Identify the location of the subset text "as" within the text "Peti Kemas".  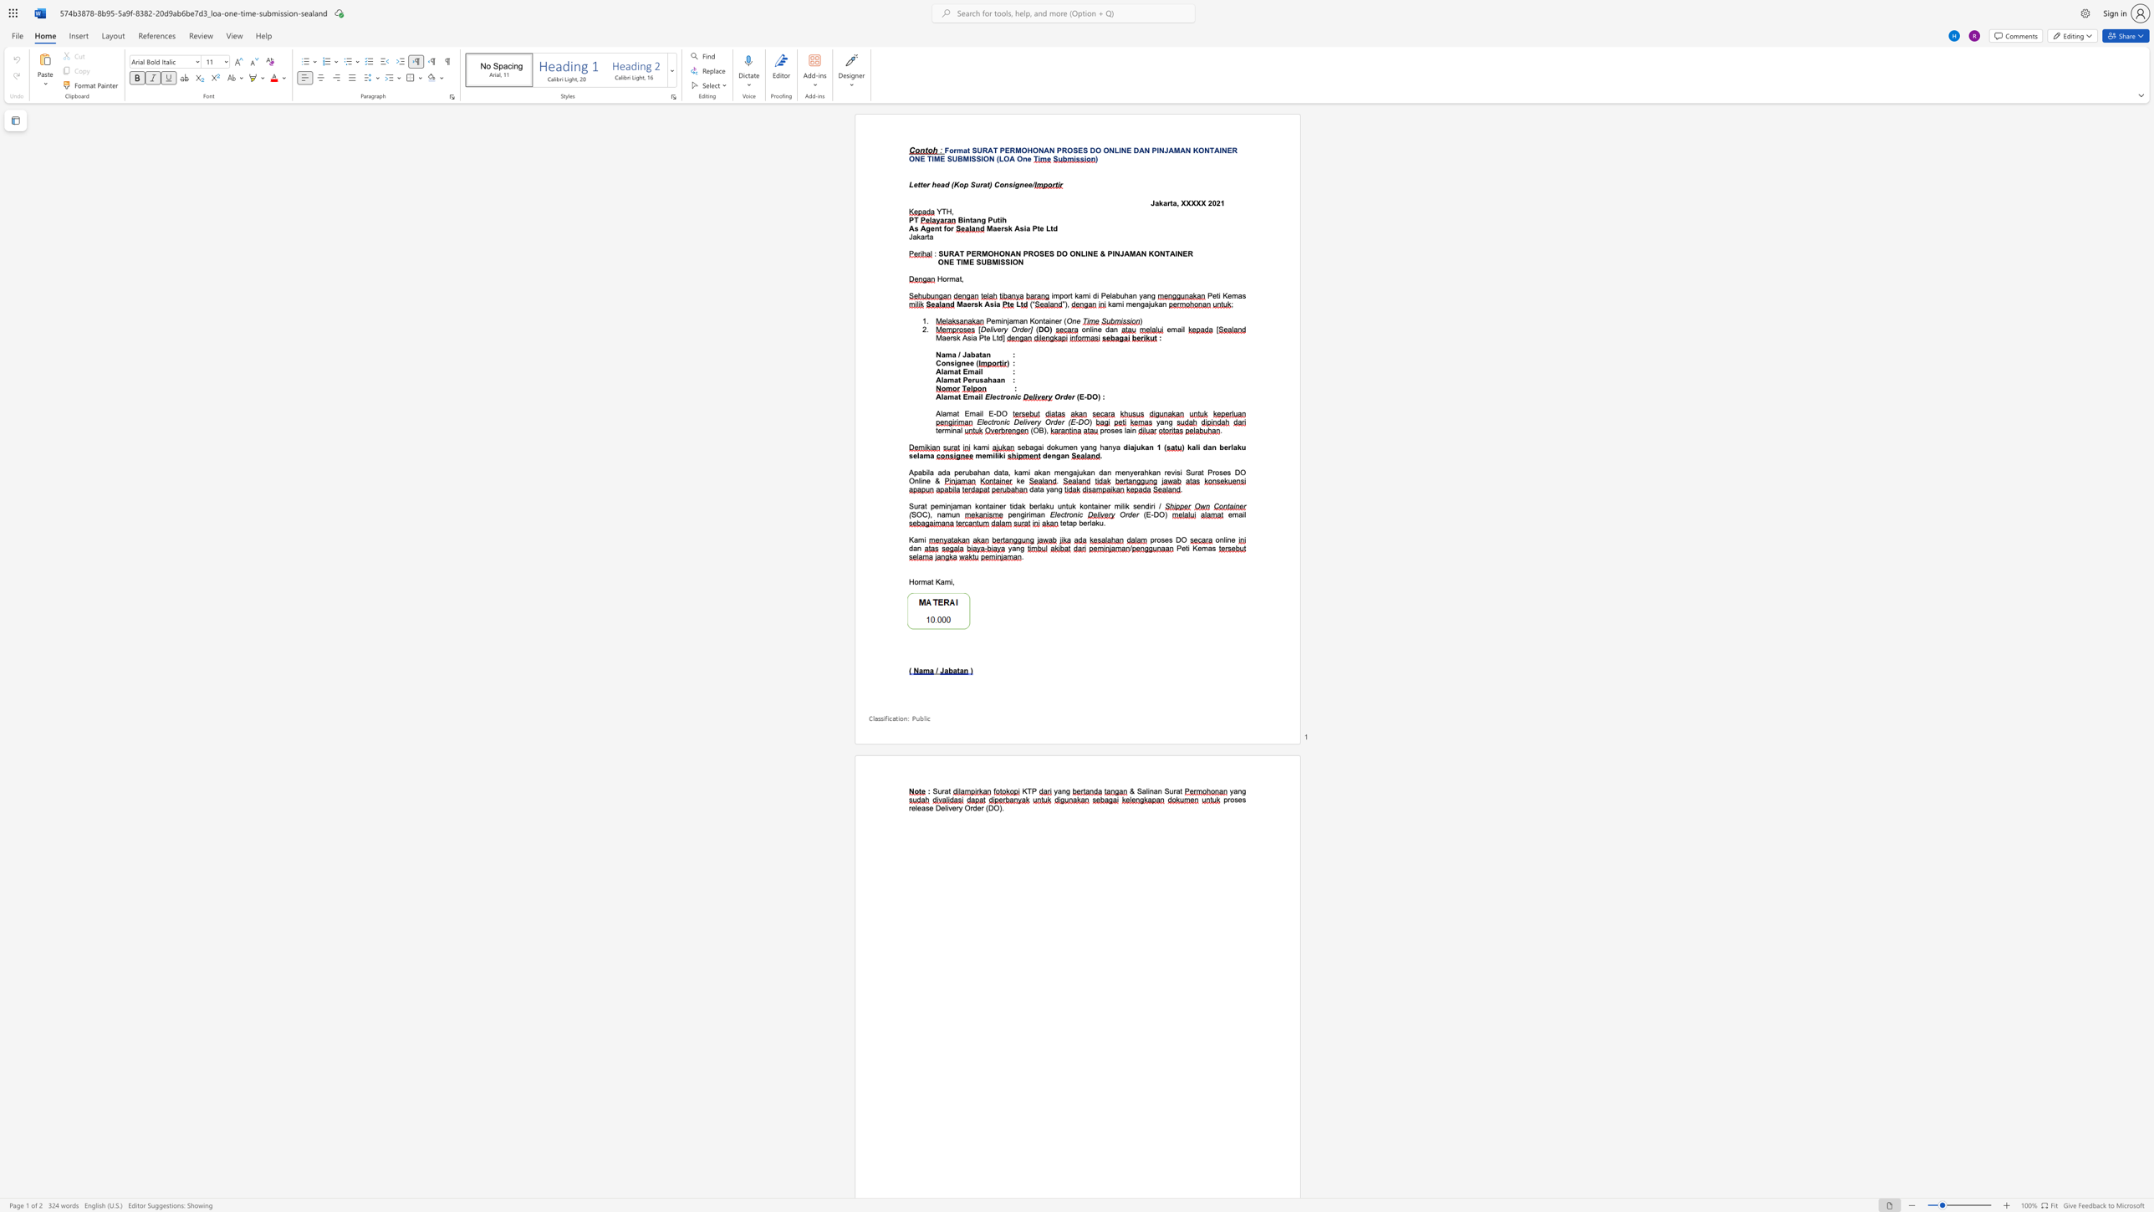
(1238, 295).